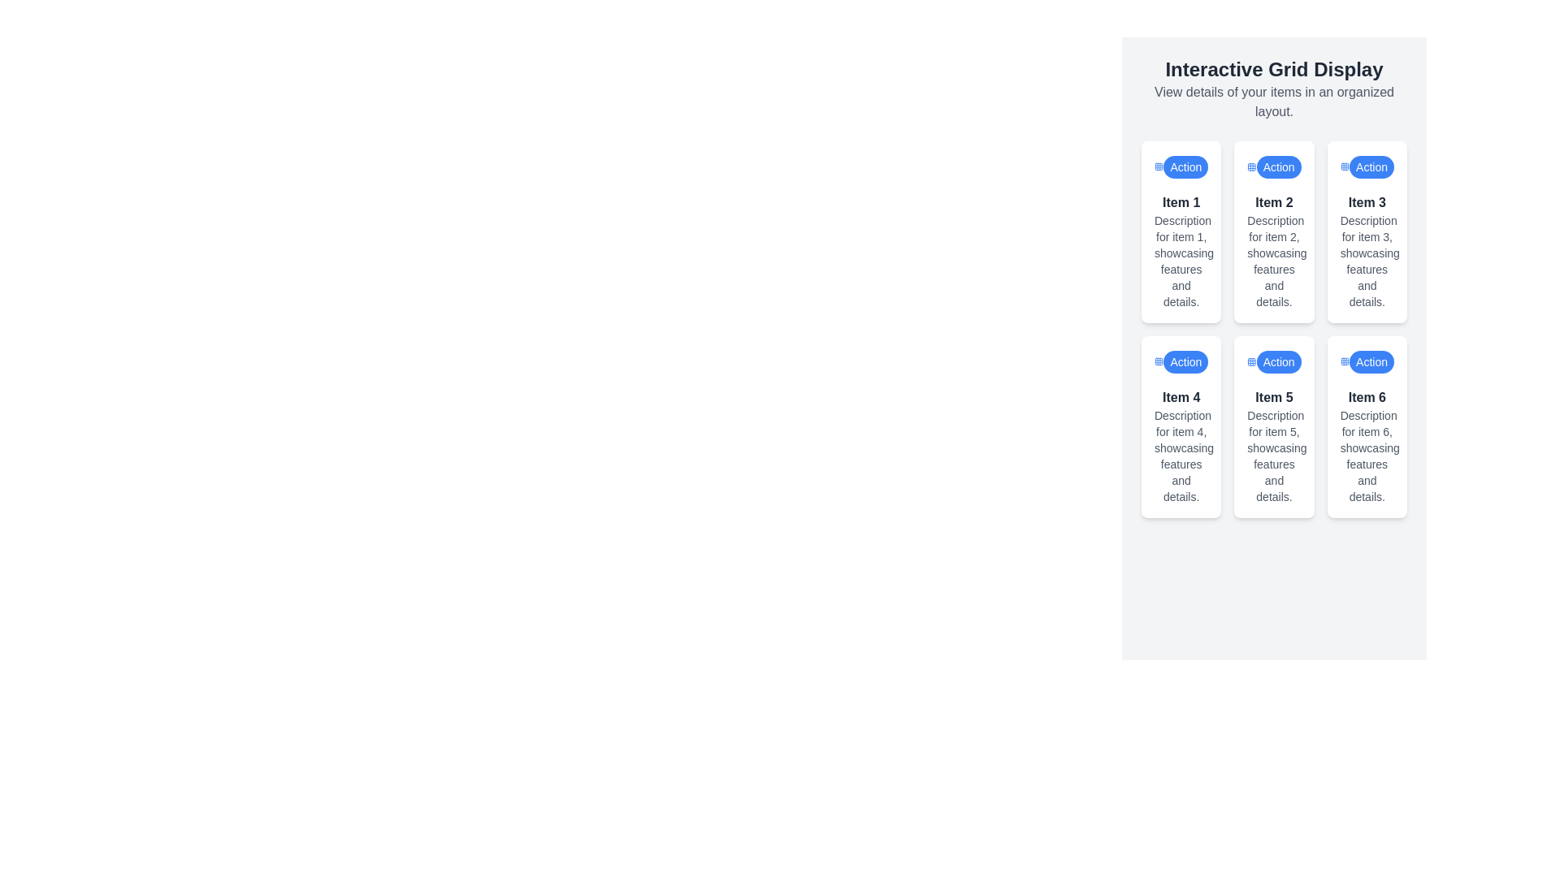 This screenshot has width=1560, height=877. What do you see at coordinates (1181, 361) in the screenshot?
I see `the button located in the first row of the fourth grid item, associated with 'Item 4', to initiate an action` at bounding box center [1181, 361].